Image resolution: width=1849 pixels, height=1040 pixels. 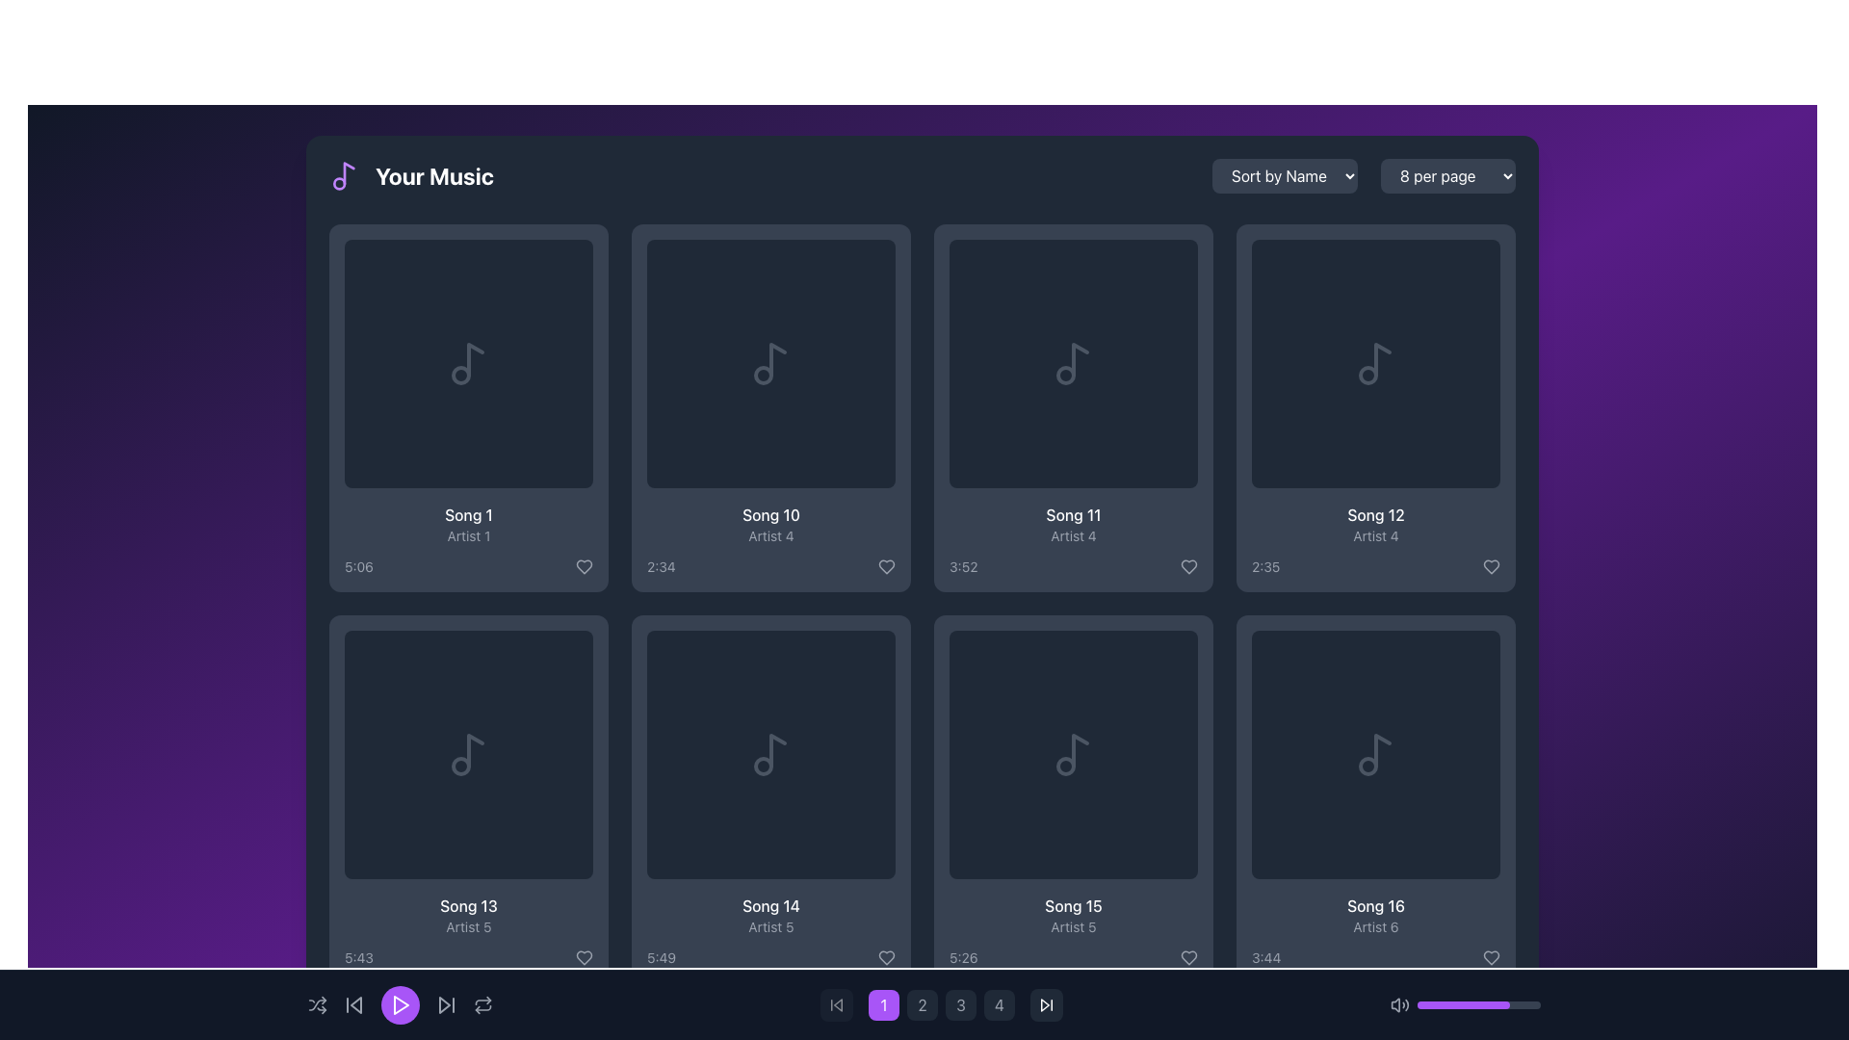 I want to click on the text label that displays the name of the song in the music library interface, located in the third row and third column of the grid layout, above the artist name and duration, so click(x=1072, y=906).